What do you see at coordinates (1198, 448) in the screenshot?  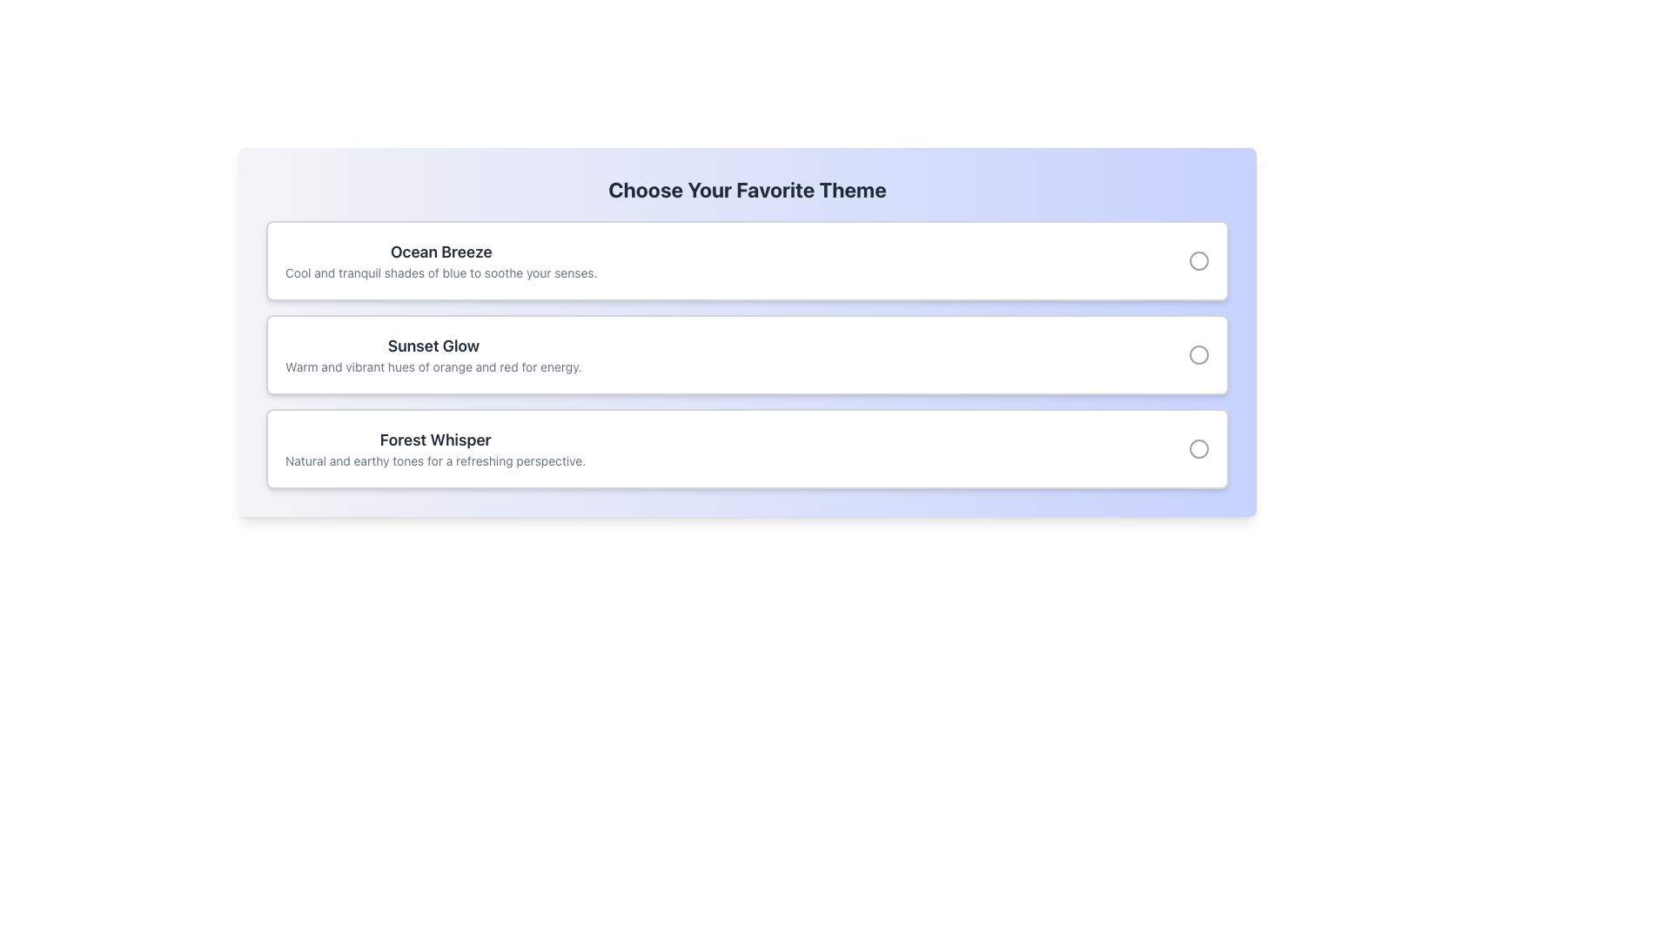 I see `the unselected radio button with a hollow center in the 'Forest Whisper' card` at bounding box center [1198, 448].